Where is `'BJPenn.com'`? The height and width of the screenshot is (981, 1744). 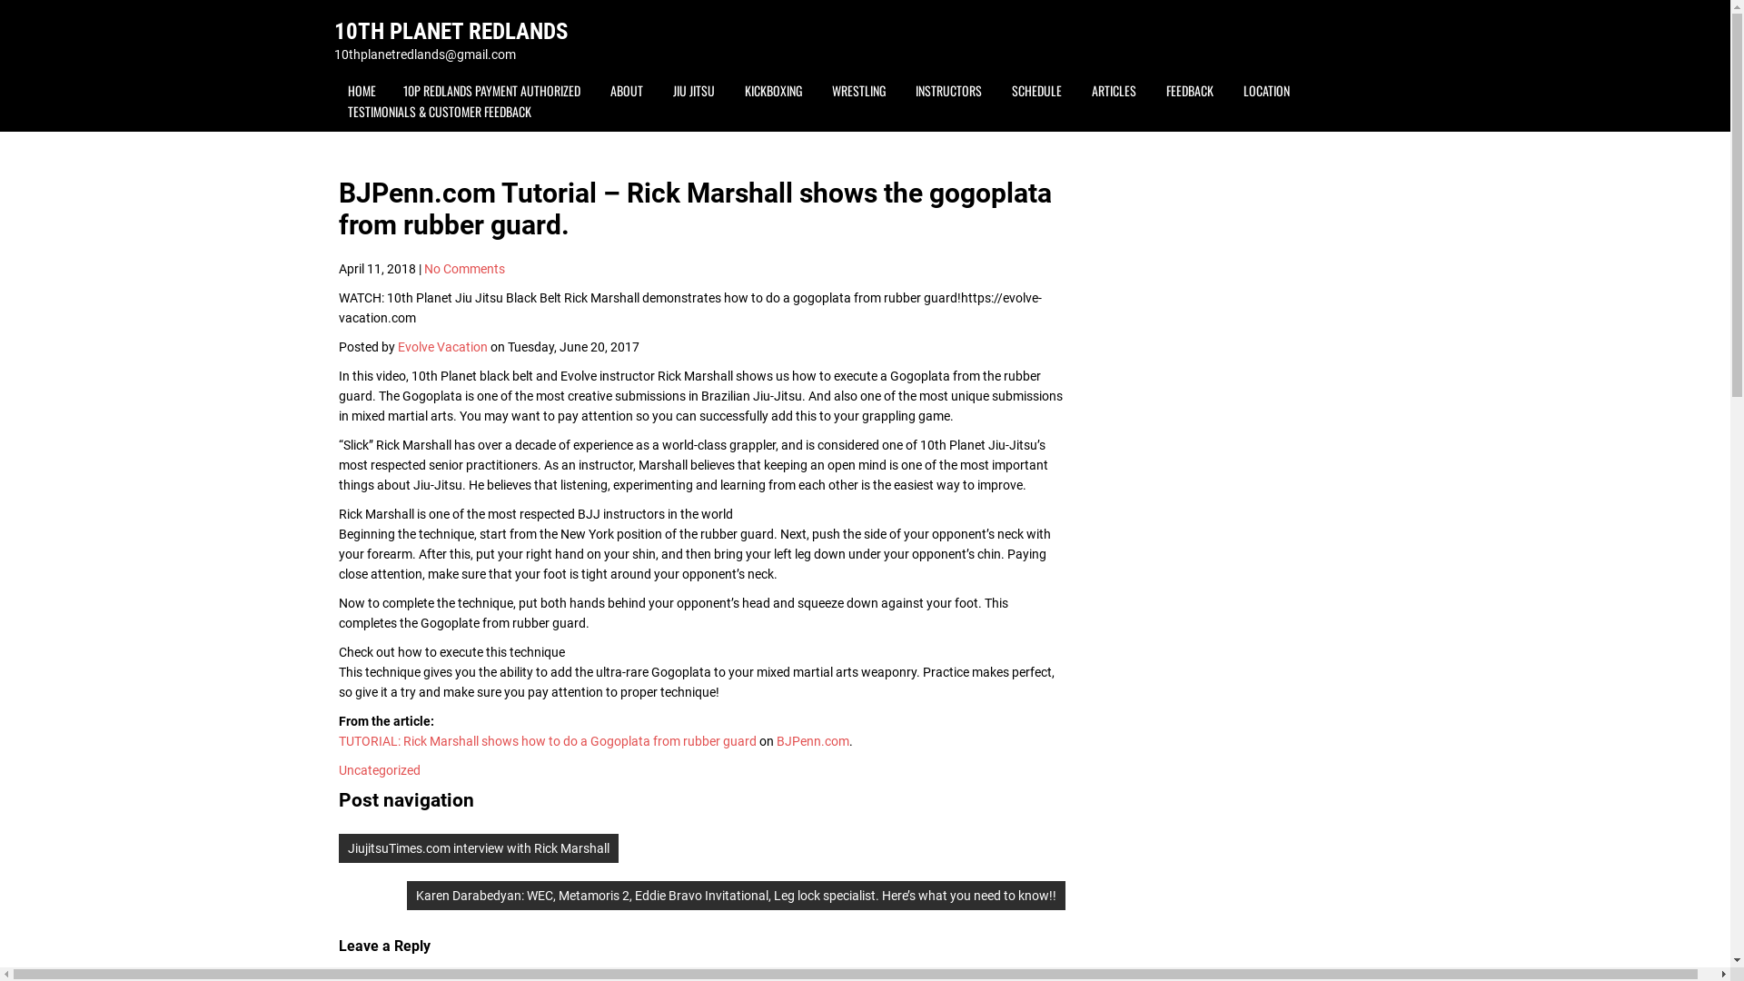
'BJPenn.com' is located at coordinates (810, 741).